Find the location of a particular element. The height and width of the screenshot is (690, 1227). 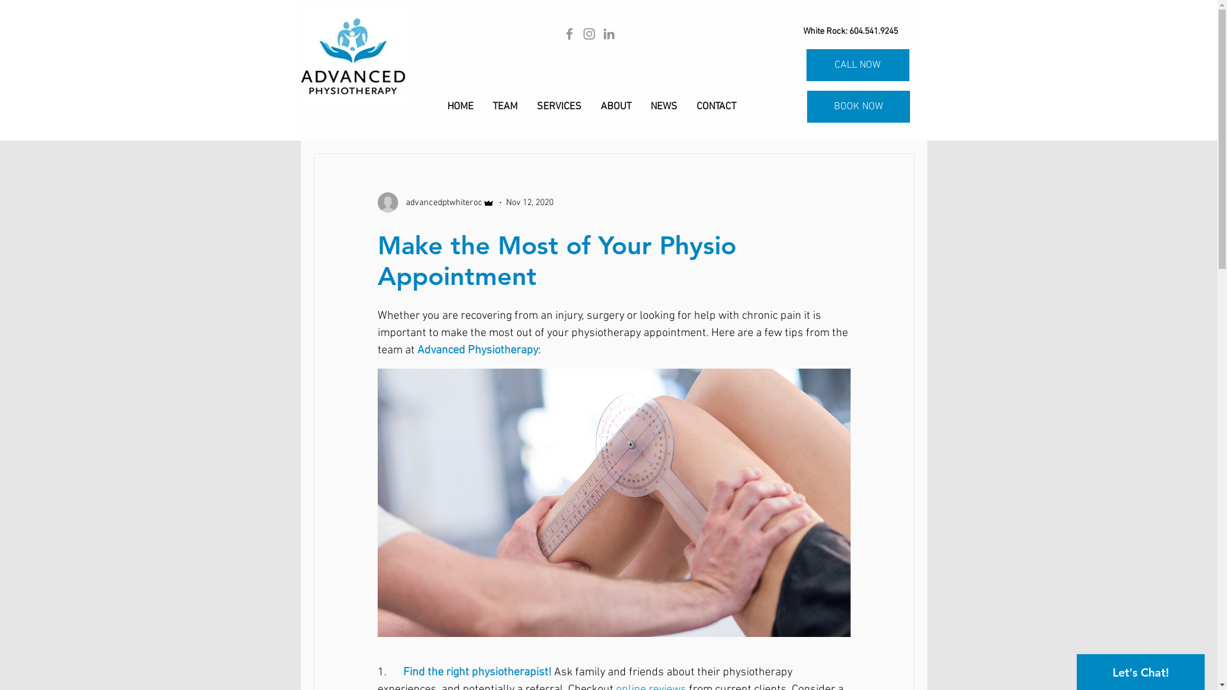

'BOOK NOW' is located at coordinates (858, 105).